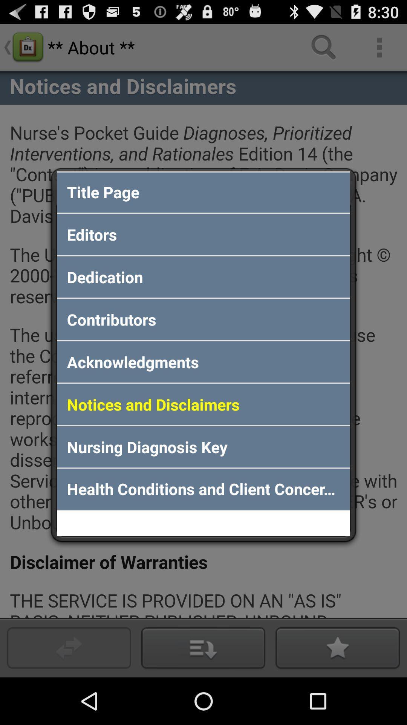  Describe the element at coordinates (203, 192) in the screenshot. I see `title page item` at that location.